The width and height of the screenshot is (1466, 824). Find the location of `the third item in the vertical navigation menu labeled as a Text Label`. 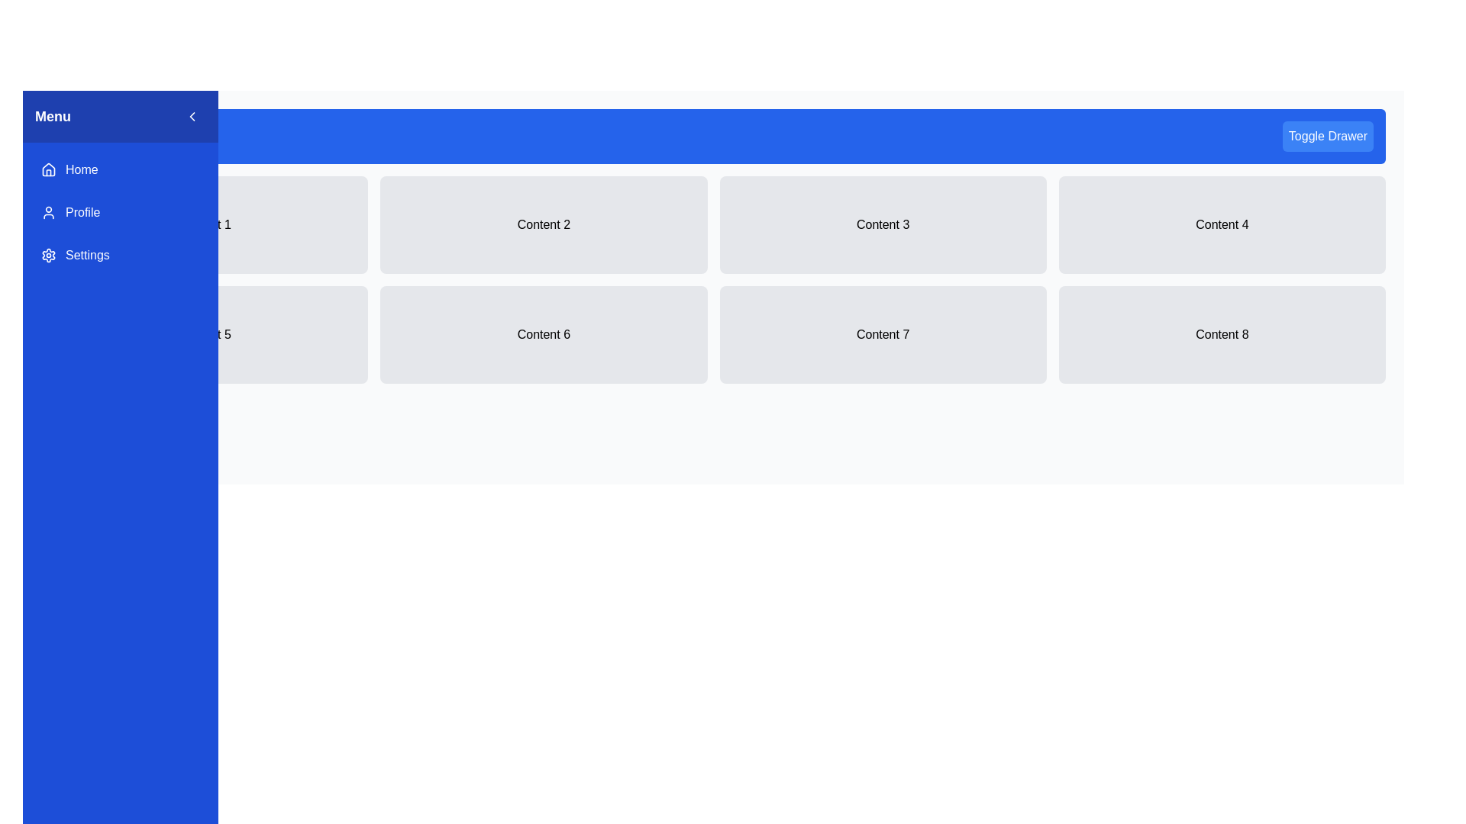

the third item in the vertical navigation menu labeled as a Text Label is located at coordinates (86, 255).